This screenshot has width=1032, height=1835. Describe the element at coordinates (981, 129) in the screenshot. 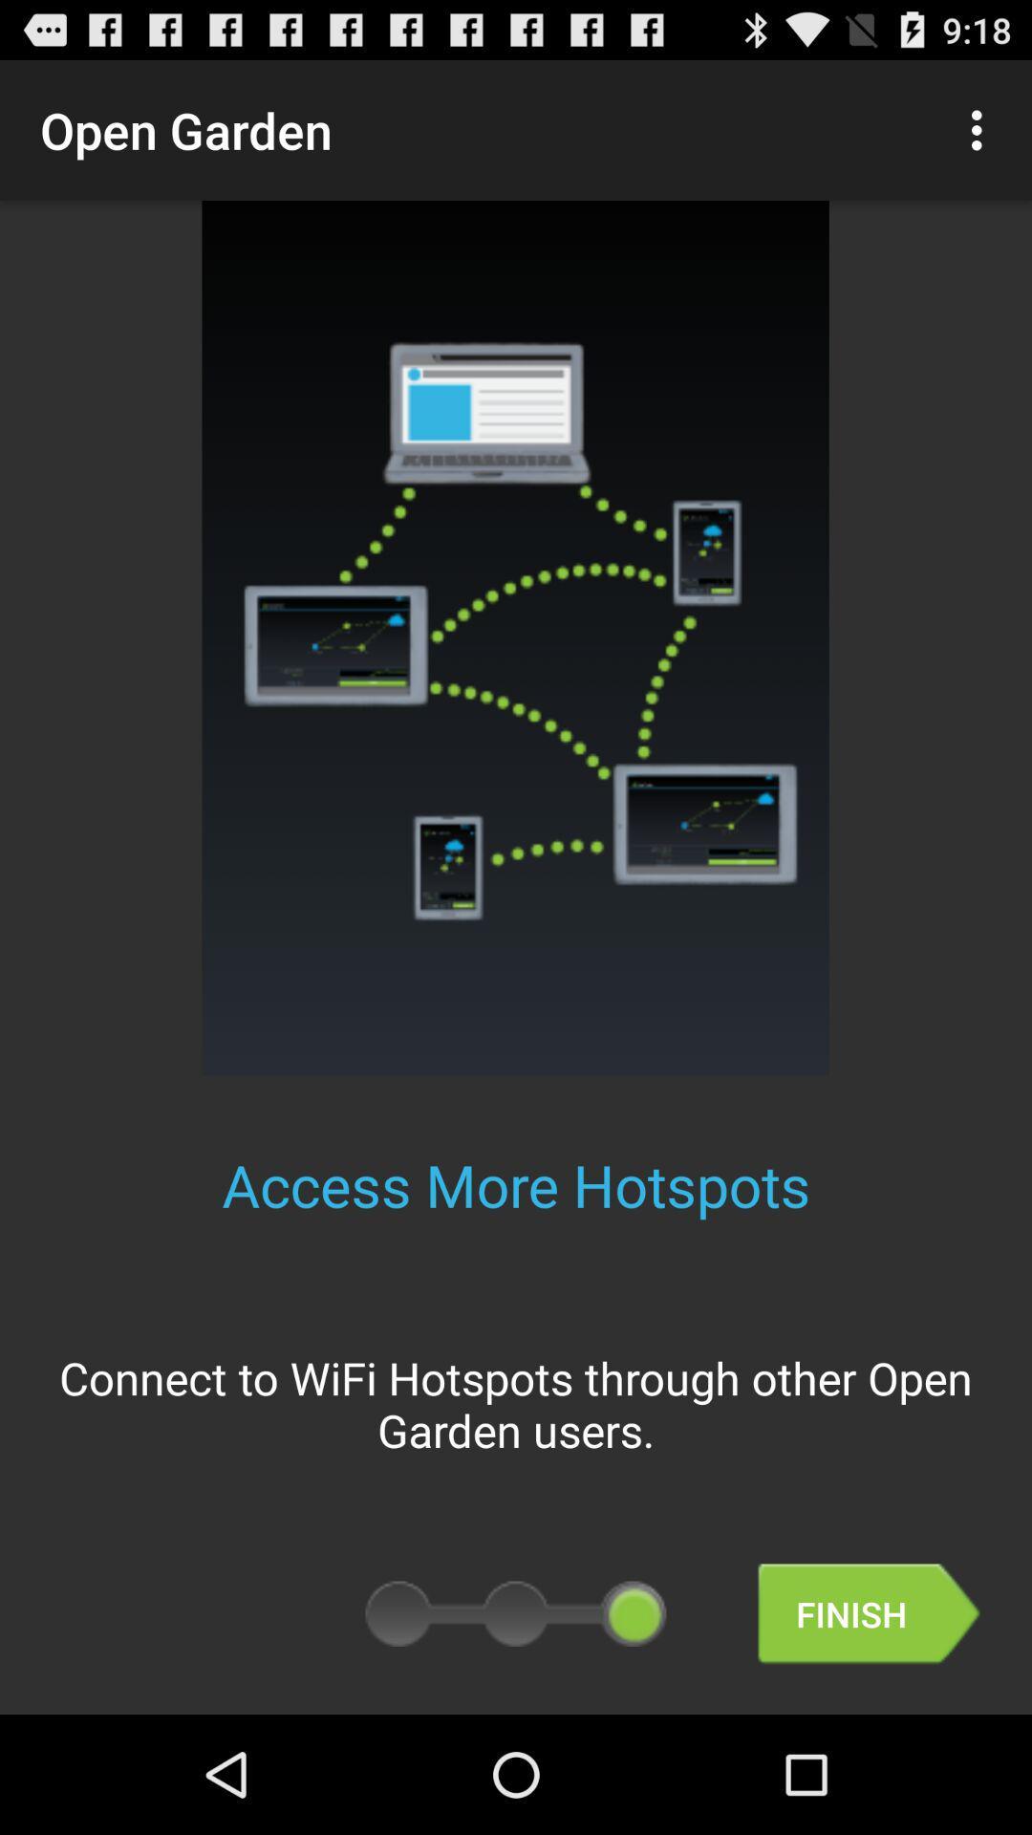

I see `the icon above the access more hotspots icon` at that location.